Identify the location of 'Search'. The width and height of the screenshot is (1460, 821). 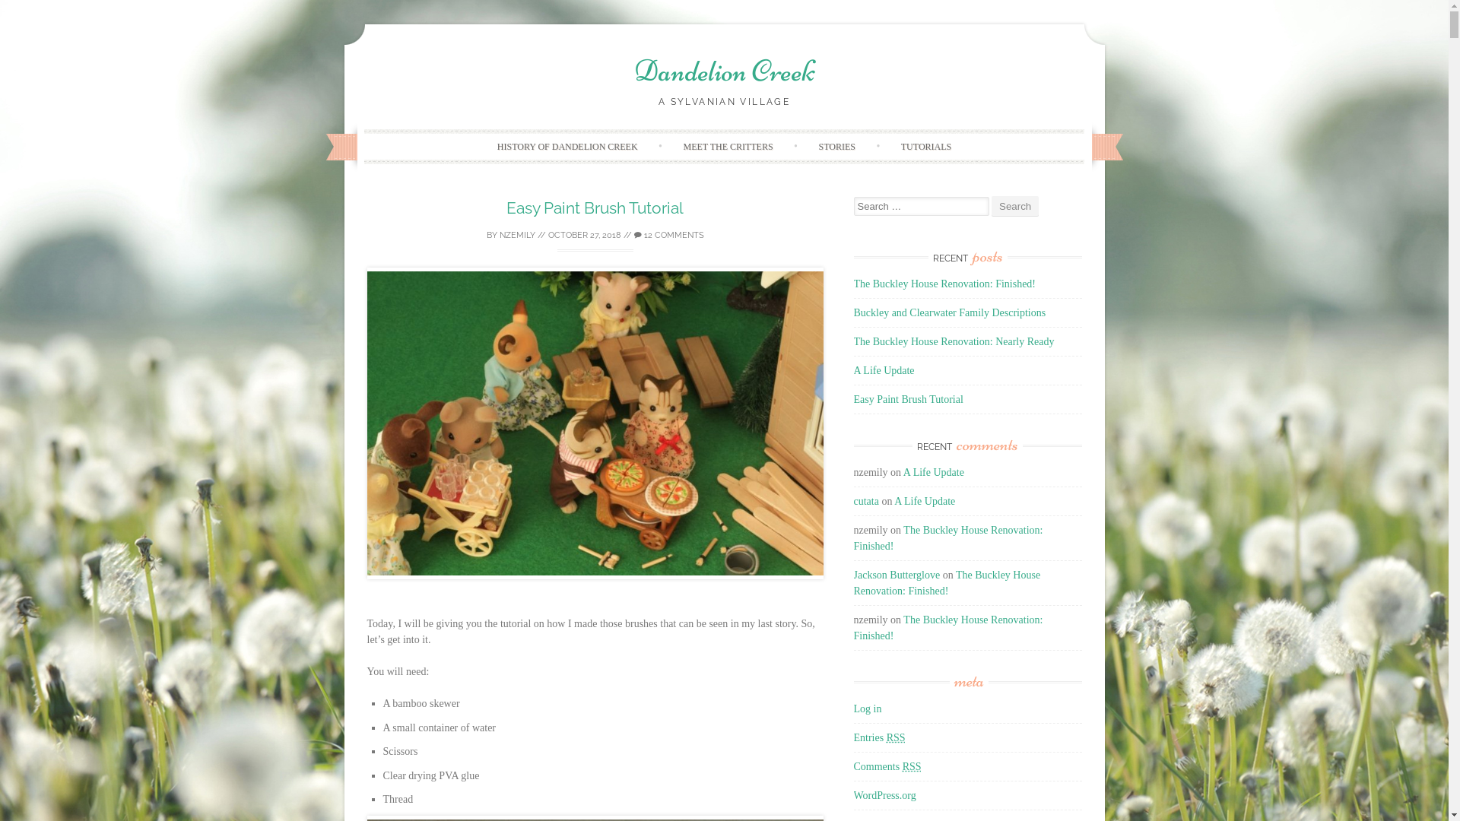
(1014, 206).